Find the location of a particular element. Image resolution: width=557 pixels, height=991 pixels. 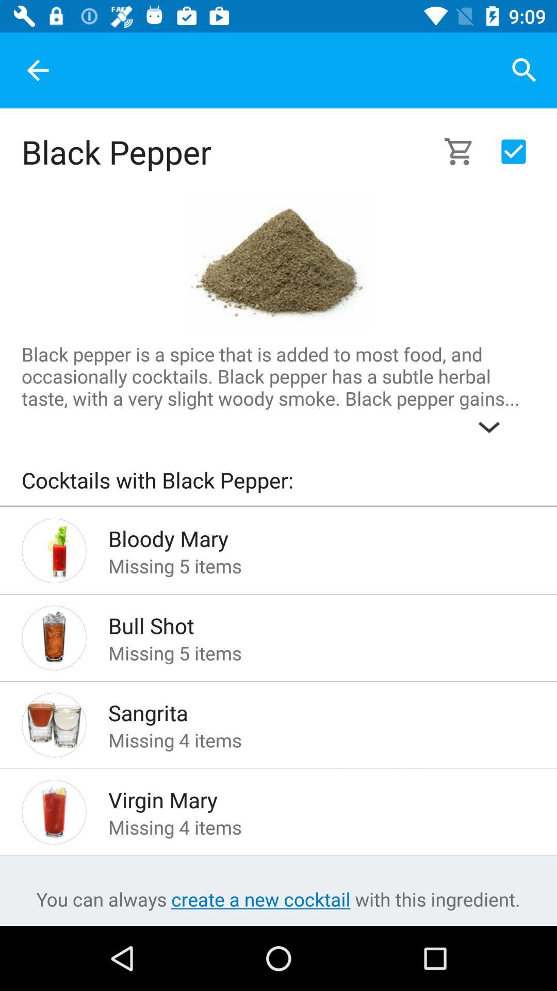

the symbol which is beside black pepper is located at coordinates (465, 151).